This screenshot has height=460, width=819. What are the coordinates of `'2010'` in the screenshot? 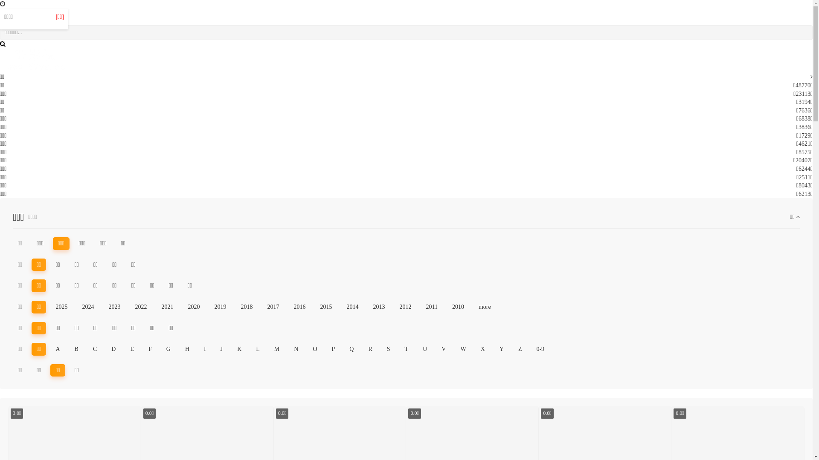 It's located at (458, 307).